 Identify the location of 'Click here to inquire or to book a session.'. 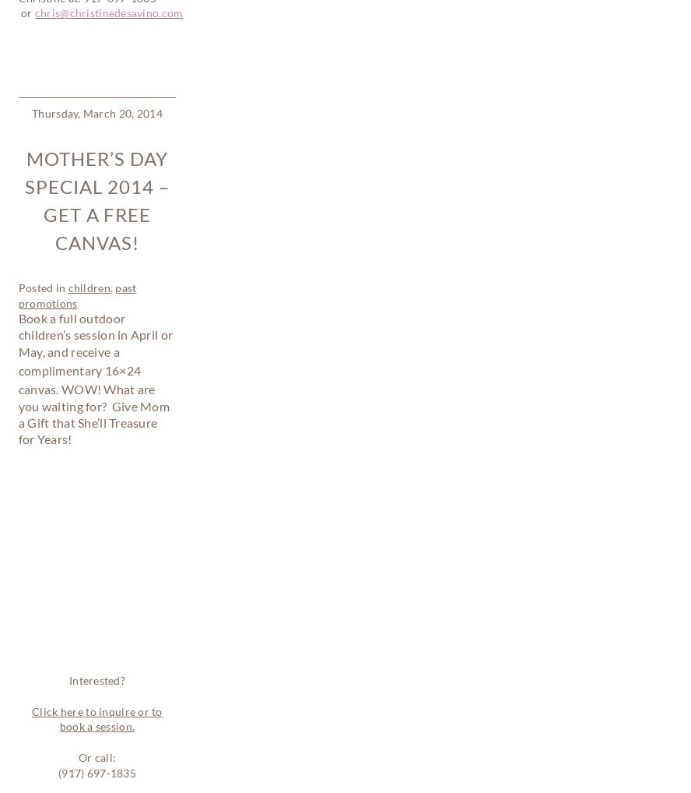
(96, 251).